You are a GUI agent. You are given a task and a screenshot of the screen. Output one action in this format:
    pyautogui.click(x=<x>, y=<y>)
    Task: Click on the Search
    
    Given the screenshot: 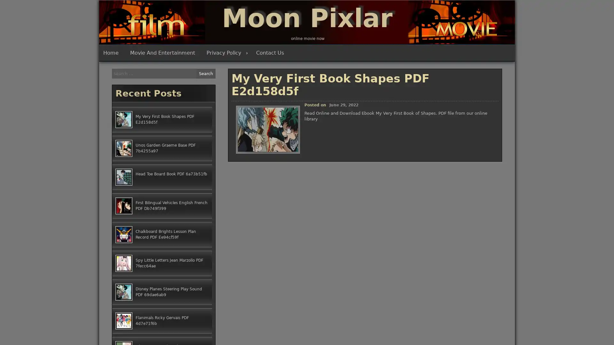 What is the action you would take?
    pyautogui.click(x=206, y=73)
    